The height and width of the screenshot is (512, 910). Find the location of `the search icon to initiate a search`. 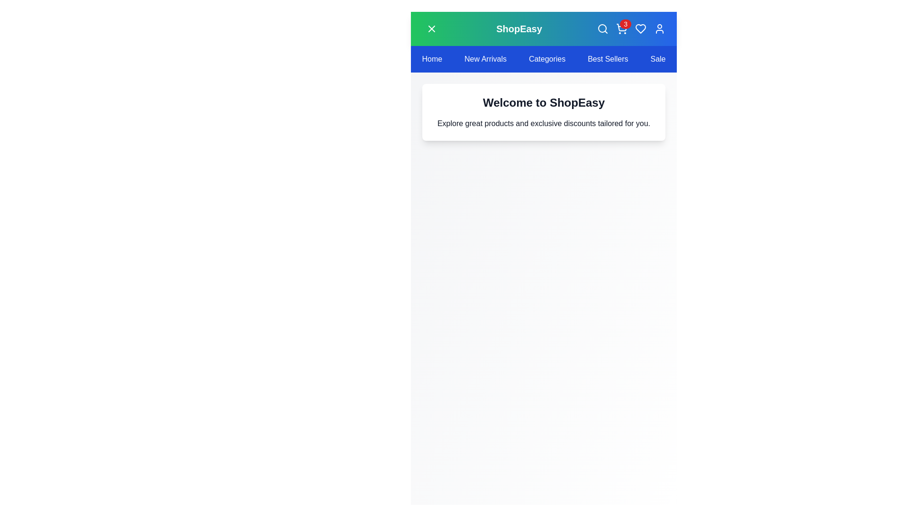

the search icon to initiate a search is located at coordinates (602, 28).